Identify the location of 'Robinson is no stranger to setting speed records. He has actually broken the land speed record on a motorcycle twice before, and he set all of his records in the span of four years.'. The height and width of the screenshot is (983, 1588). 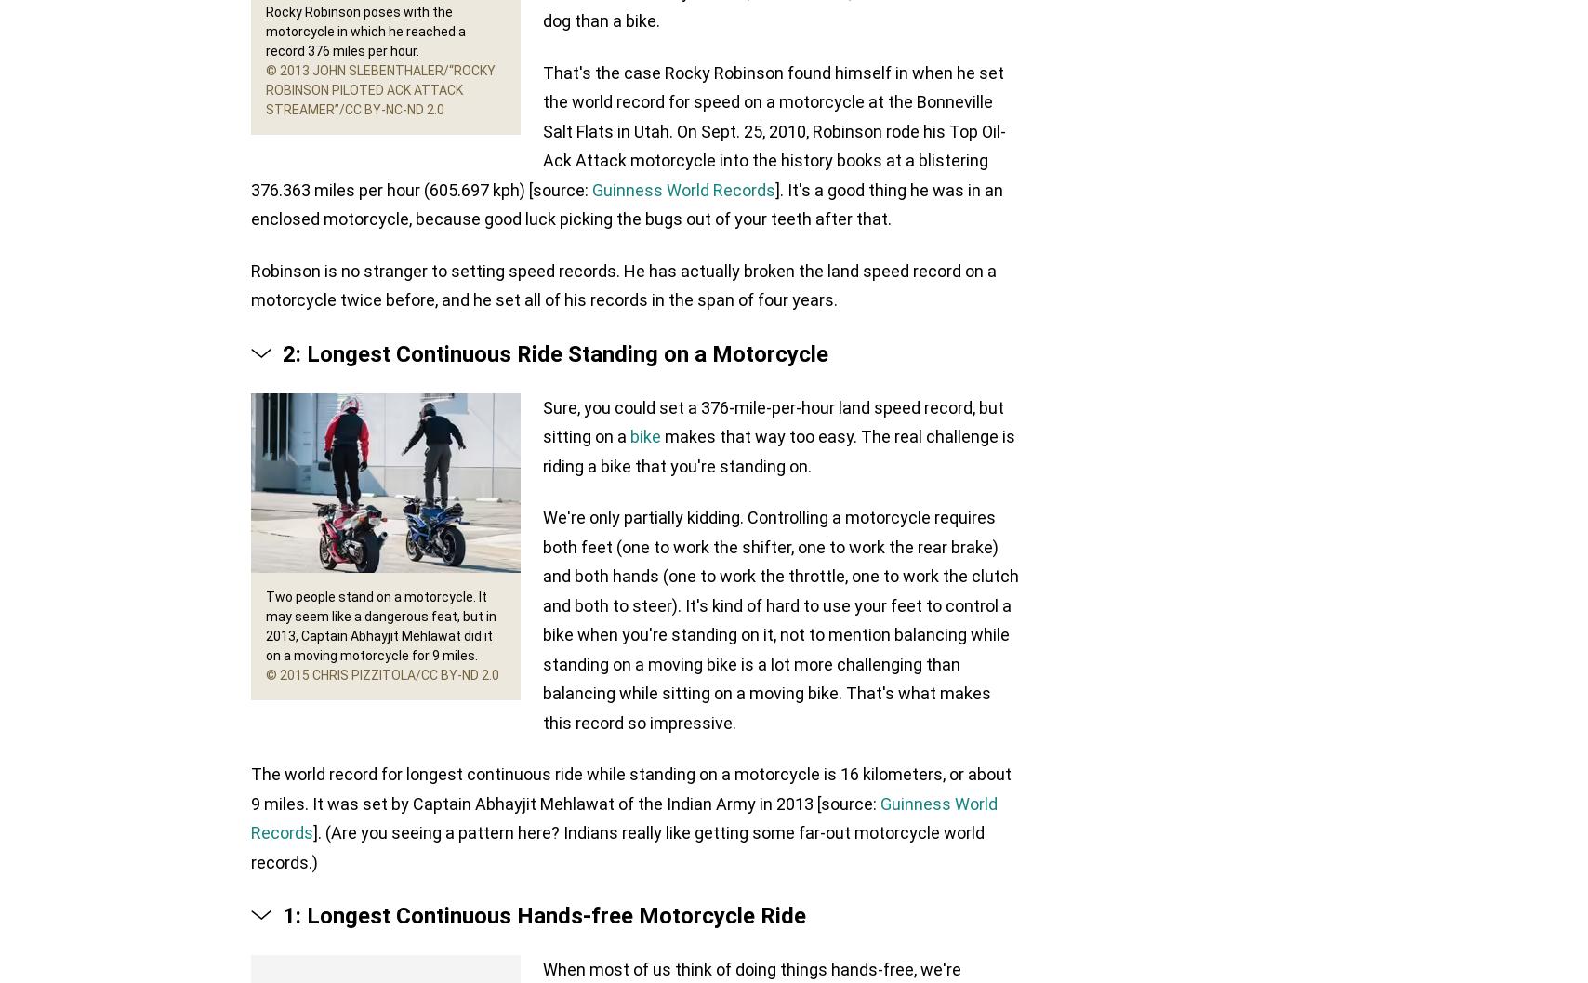
(251, 285).